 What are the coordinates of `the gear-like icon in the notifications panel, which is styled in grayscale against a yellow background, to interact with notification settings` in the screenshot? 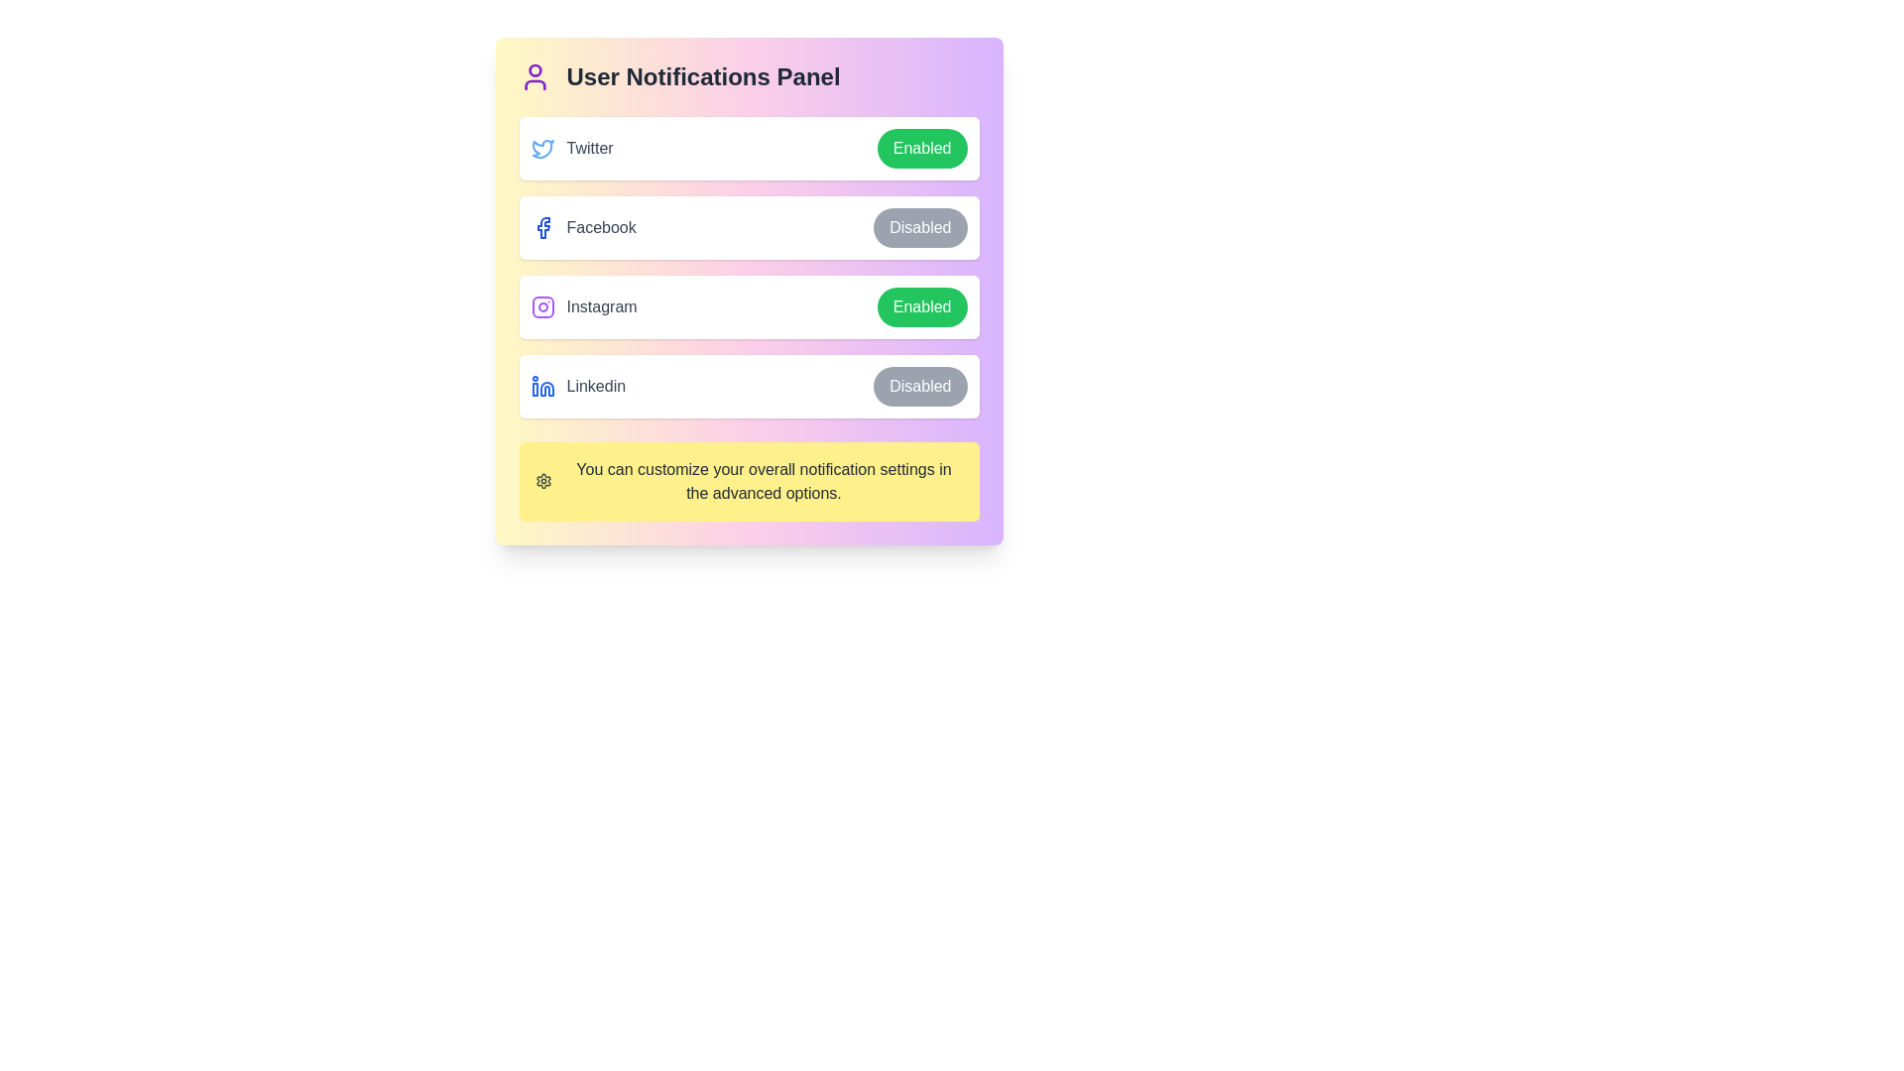 It's located at (542, 482).